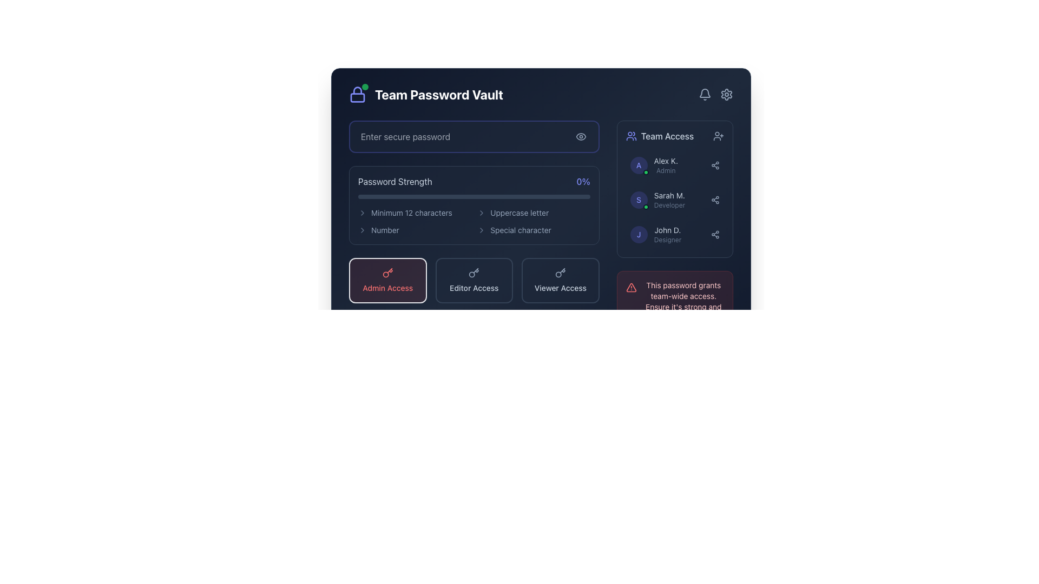 This screenshot has height=584, width=1039. What do you see at coordinates (534, 213) in the screenshot?
I see `requirement of the checklist item indicating that an uppercase letter must be included, located in the top-right quadrant of the grid layout, as the second item below the 'Minimum 12 characters' item` at bounding box center [534, 213].